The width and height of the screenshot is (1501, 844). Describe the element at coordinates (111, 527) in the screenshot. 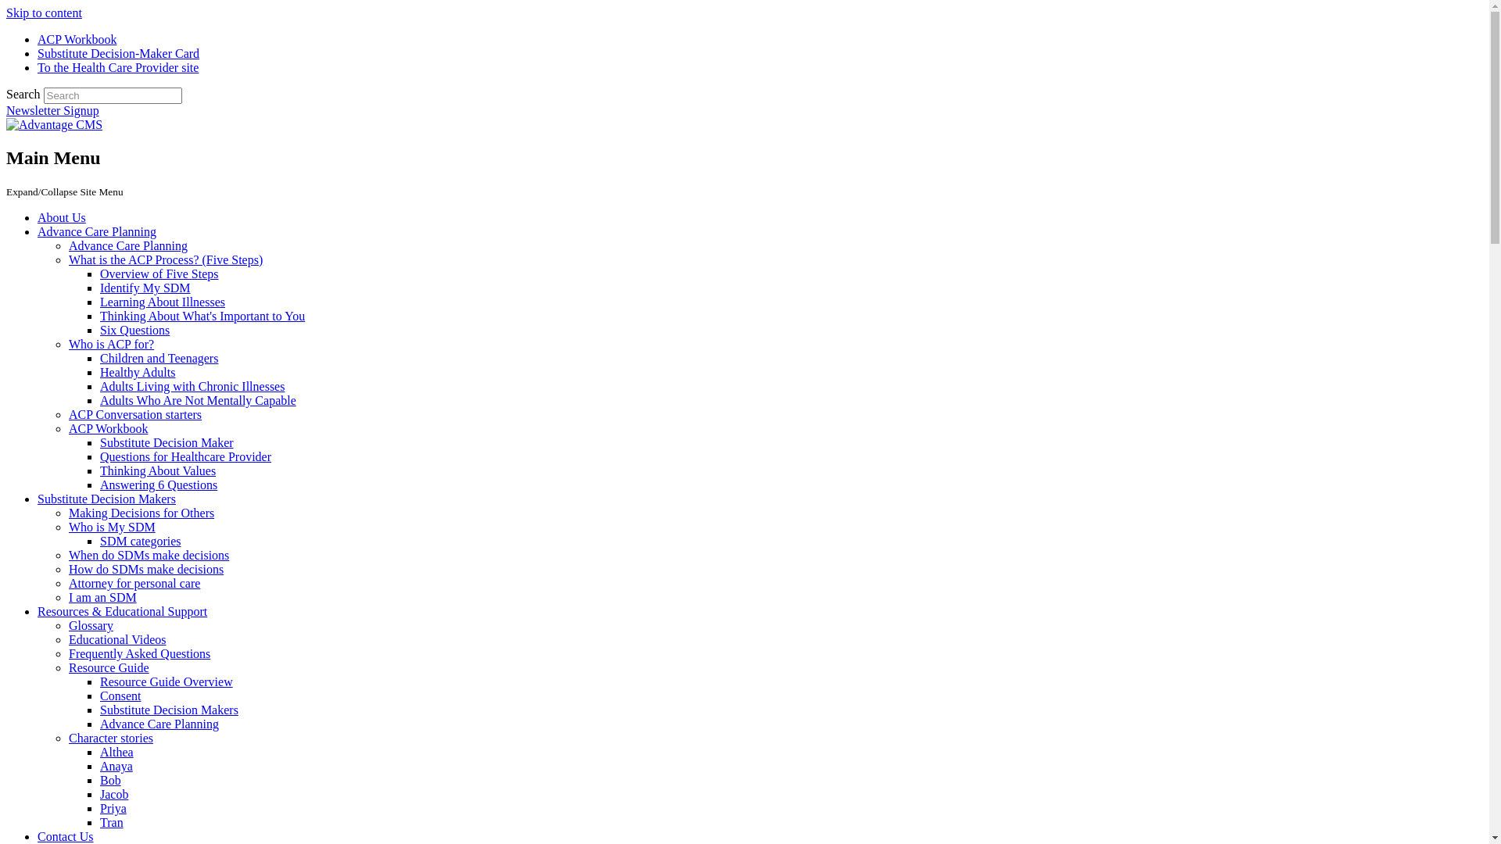

I see `'Who is My SDM'` at that location.